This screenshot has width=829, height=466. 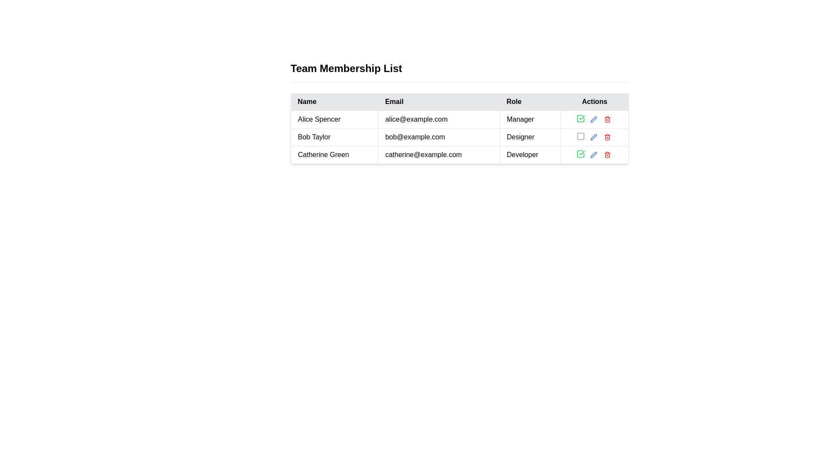 What do you see at coordinates (530, 136) in the screenshot?
I see `the text label displaying 'Designer' in the second row of the 'Team Membership List' table, located in the third column` at bounding box center [530, 136].